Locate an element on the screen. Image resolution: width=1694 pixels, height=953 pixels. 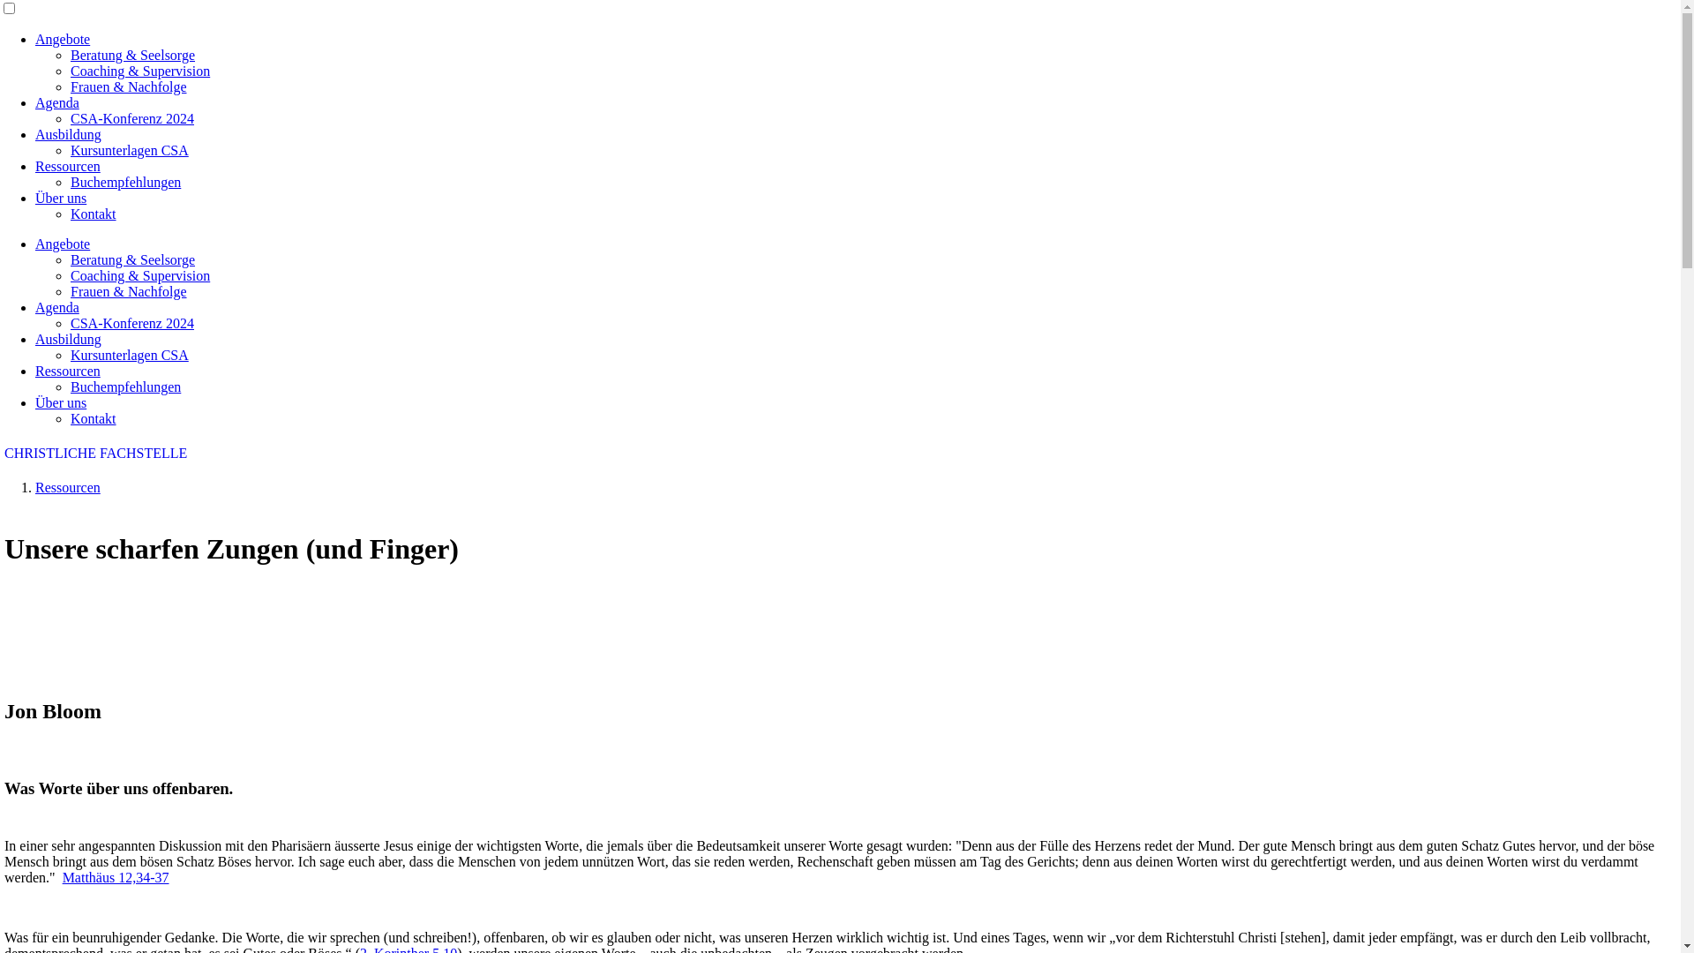
'Buchempfehlungen' is located at coordinates (124, 182).